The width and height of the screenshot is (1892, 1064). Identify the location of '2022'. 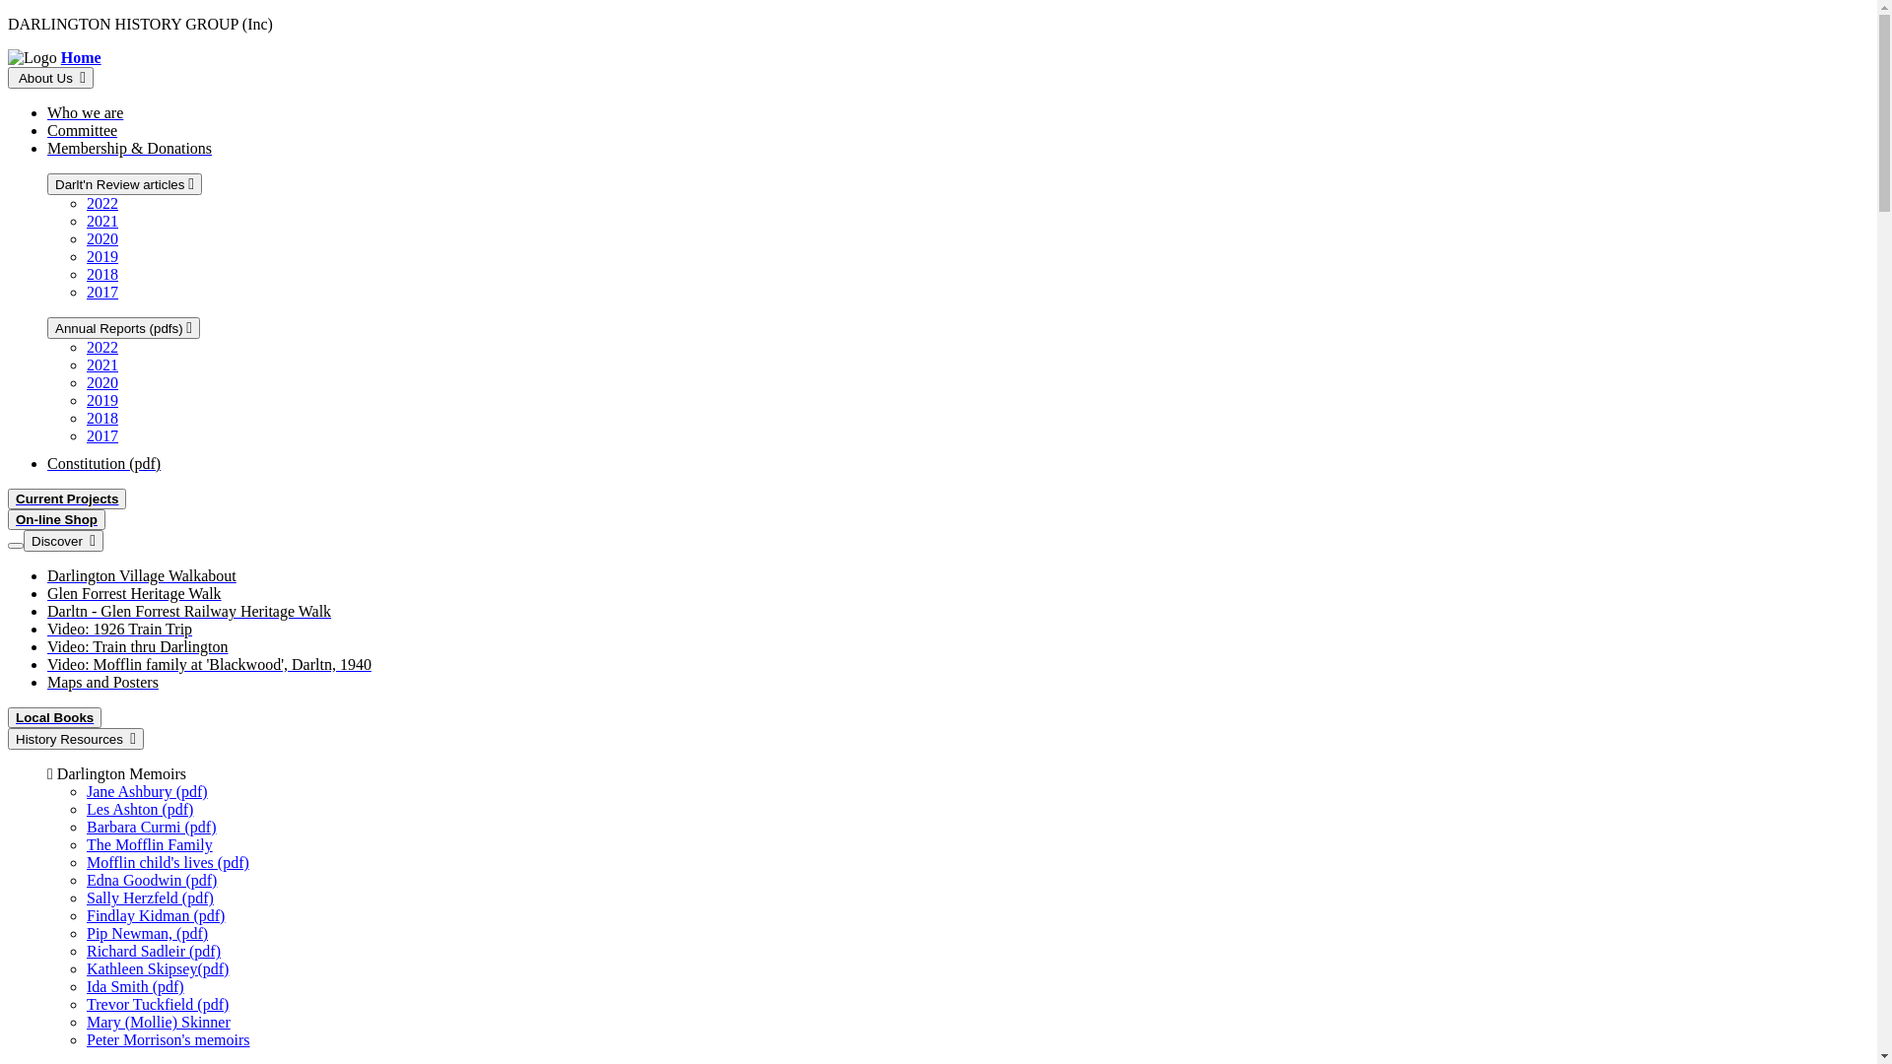
(101, 346).